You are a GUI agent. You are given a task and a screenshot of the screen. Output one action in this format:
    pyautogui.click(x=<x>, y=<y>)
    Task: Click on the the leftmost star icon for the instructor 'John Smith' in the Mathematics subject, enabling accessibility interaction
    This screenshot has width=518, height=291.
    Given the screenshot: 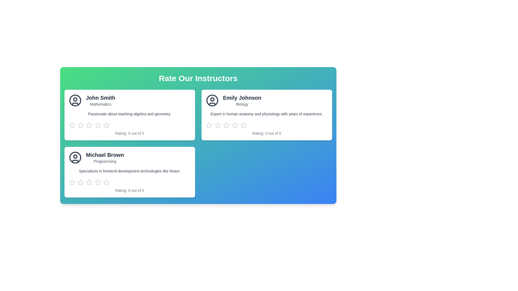 What is the action you would take?
    pyautogui.click(x=71, y=125)
    